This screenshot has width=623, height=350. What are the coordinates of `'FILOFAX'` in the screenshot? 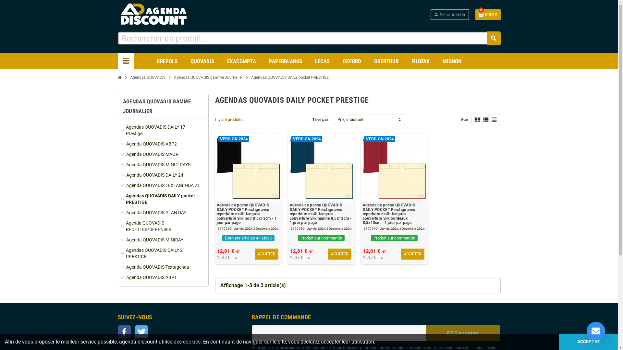 It's located at (421, 61).